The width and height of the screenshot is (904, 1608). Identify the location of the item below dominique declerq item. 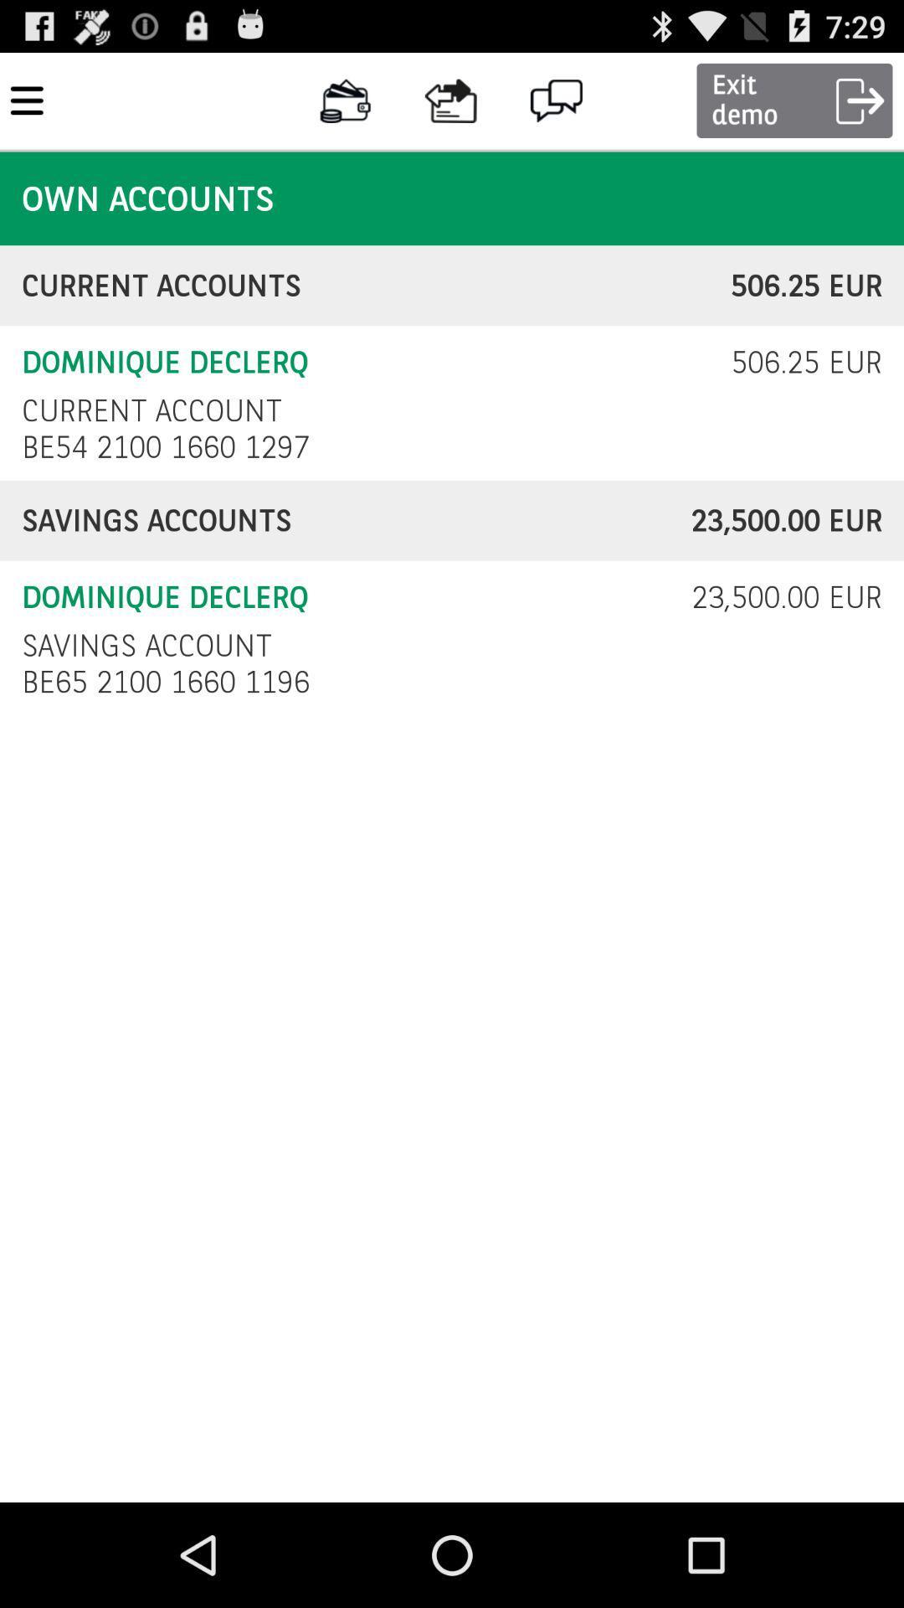
(152, 410).